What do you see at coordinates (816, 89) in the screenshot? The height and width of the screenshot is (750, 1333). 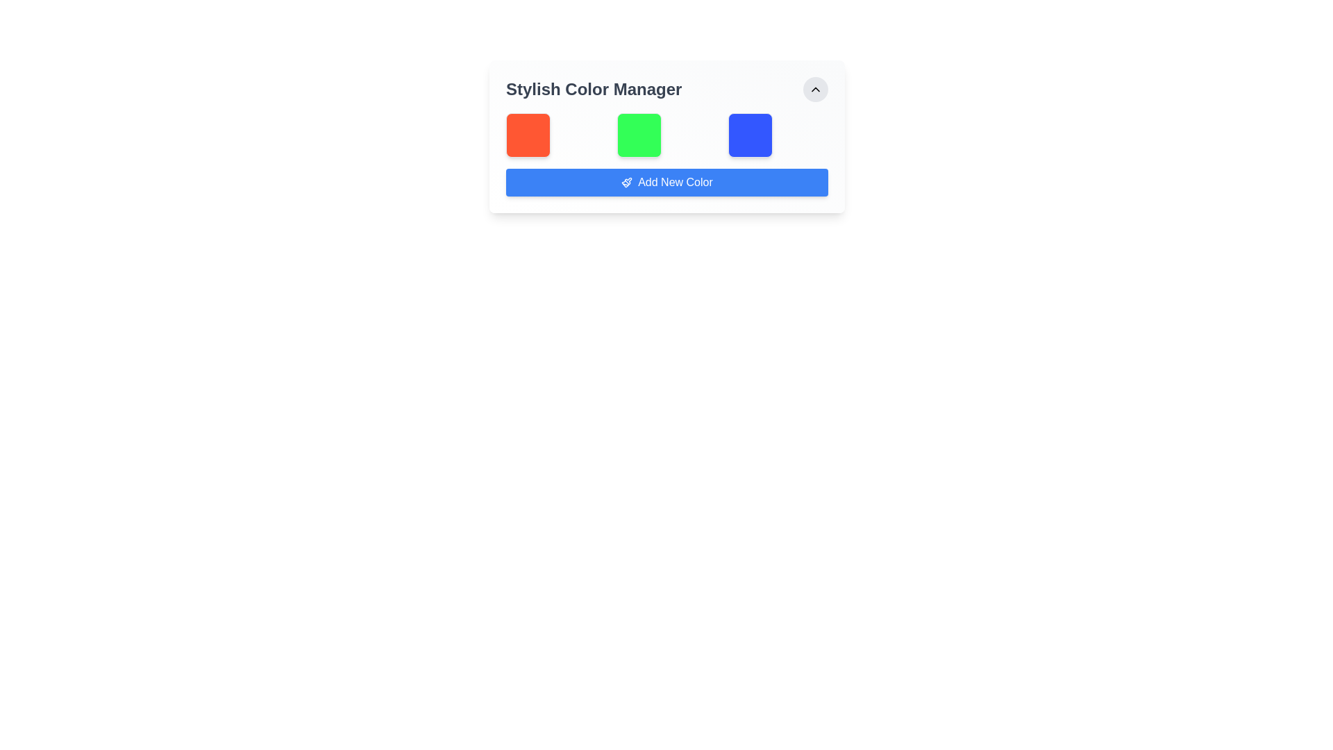 I see `the circular button in the top-right corner of the 'Stylish Color Manager' card that is adjacent to the title` at bounding box center [816, 89].